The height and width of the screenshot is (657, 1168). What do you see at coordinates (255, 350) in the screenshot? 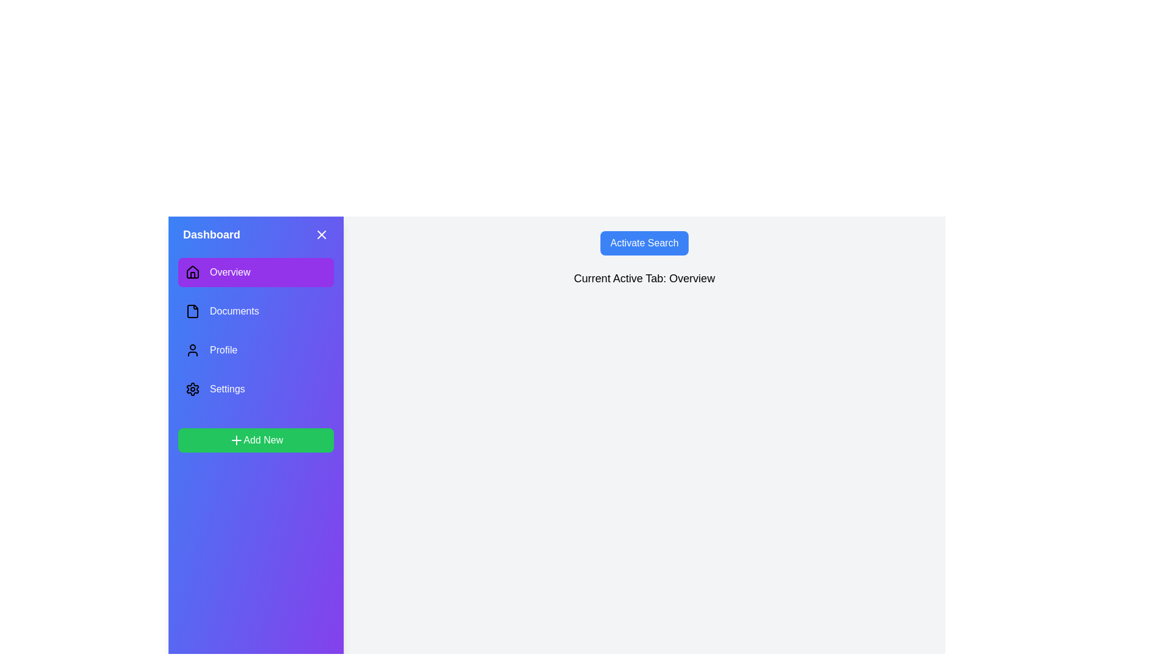
I see `the third item in the vertical navigation menu, which links to the 'Profile' section of the application` at bounding box center [255, 350].